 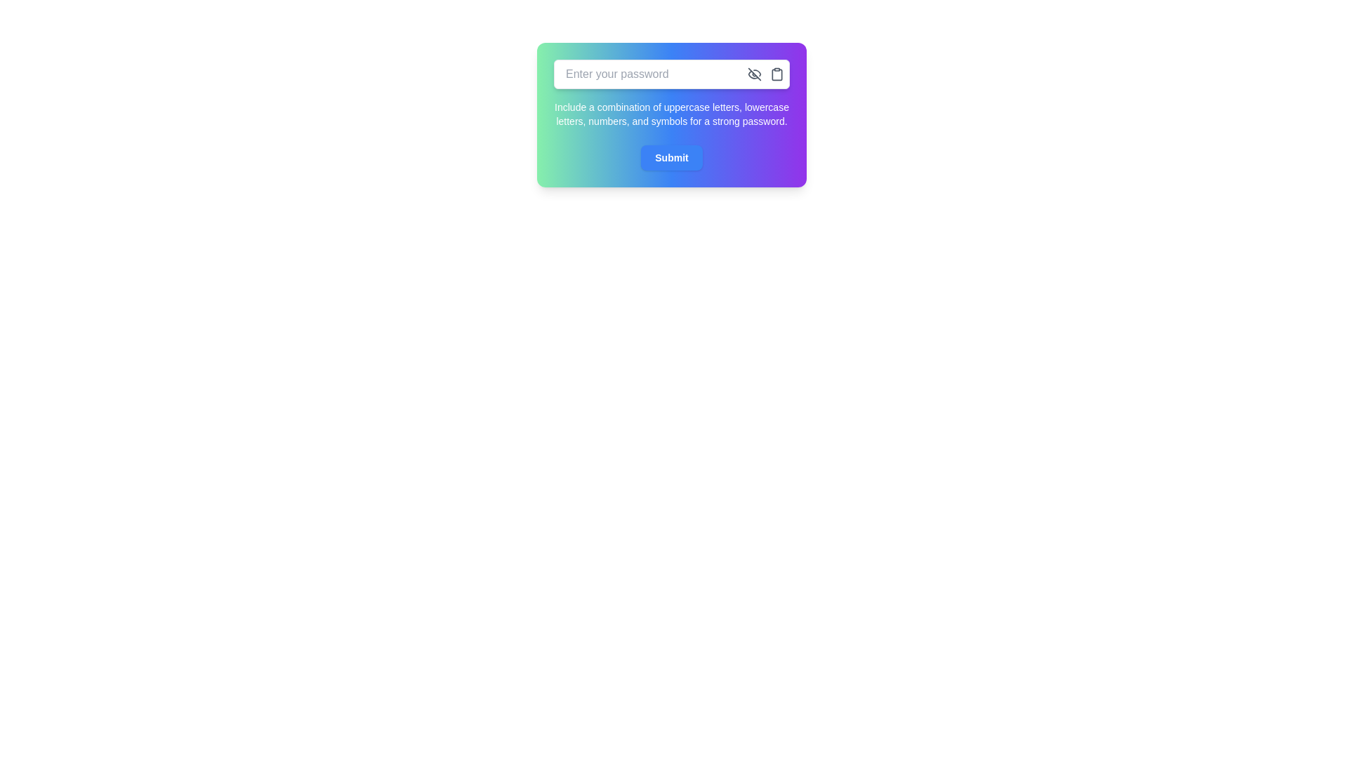 What do you see at coordinates (777, 74) in the screenshot?
I see `the clipboard icon, which is a minimalistic line art representation located to the right of the password input field` at bounding box center [777, 74].